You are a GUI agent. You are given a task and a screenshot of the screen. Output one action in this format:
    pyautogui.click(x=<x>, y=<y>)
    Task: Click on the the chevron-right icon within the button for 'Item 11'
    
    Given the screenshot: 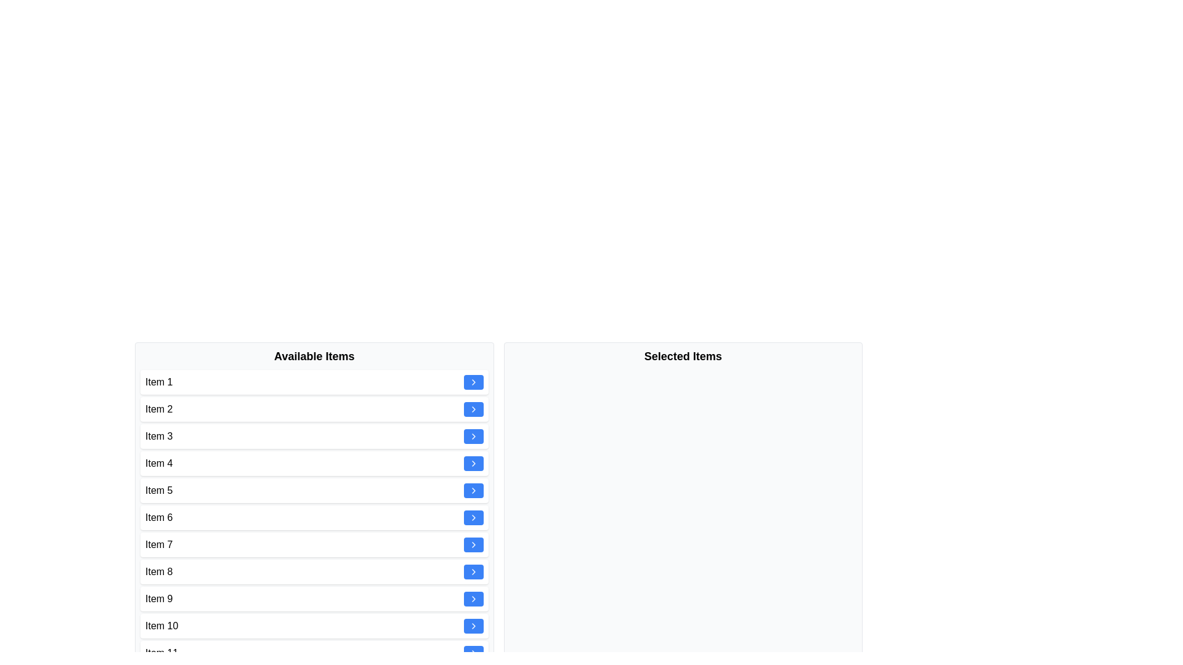 What is the action you would take?
    pyautogui.click(x=473, y=572)
    